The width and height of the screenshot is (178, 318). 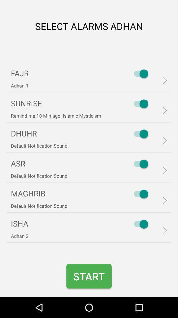 What do you see at coordinates (139, 74) in the screenshot?
I see `the first switch on the web page` at bounding box center [139, 74].